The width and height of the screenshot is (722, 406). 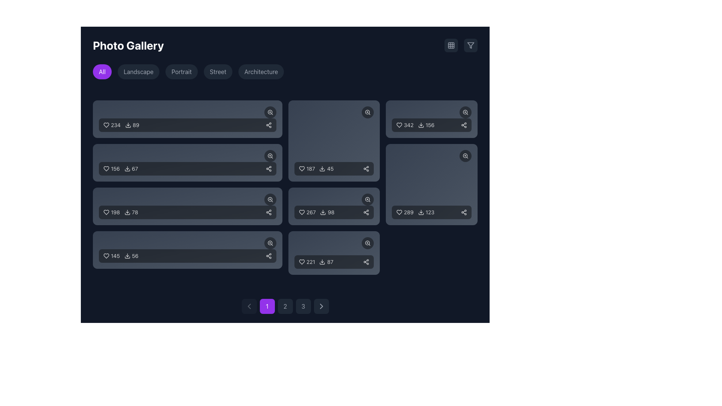 What do you see at coordinates (322, 262) in the screenshot?
I see `the download icon located at the bottom-left of the grid cell in the 'Photo Gallery' layout to initiate the download action` at bounding box center [322, 262].